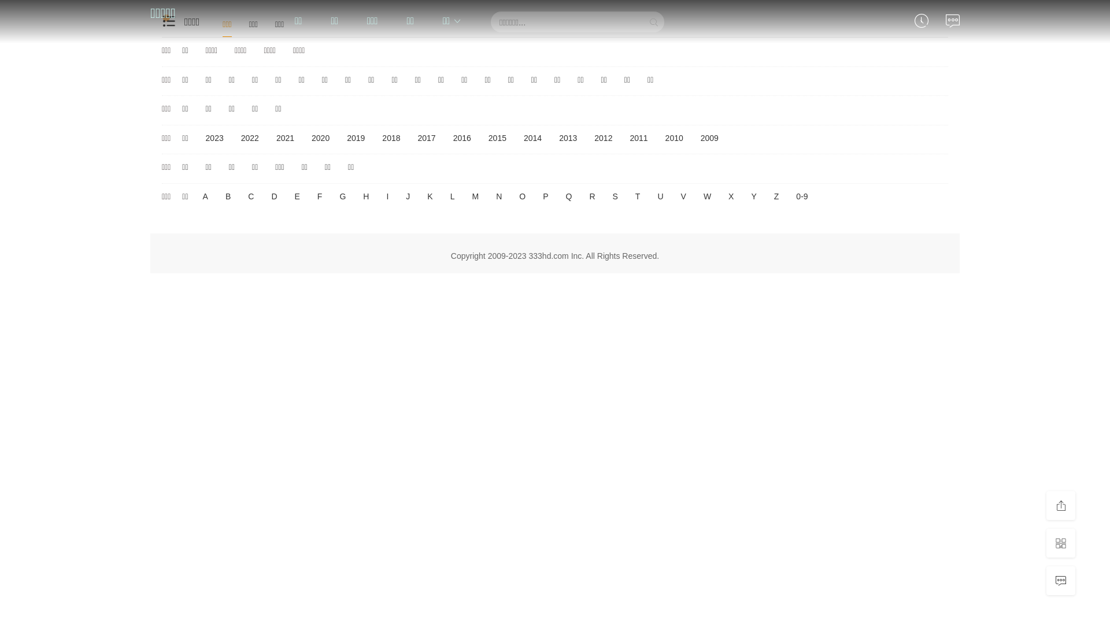 The width and height of the screenshot is (1110, 624). What do you see at coordinates (342, 196) in the screenshot?
I see `'G'` at bounding box center [342, 196].